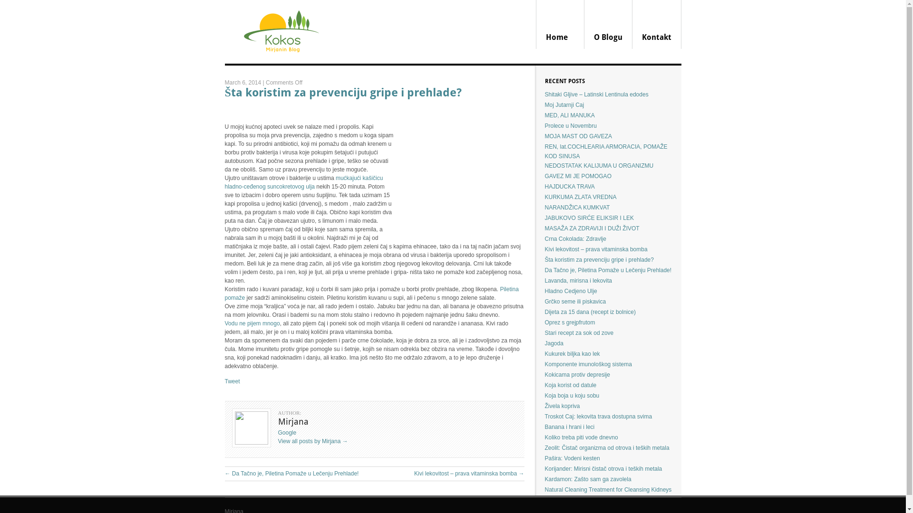 This screenshot has height=513, width=913. What do you see at coordinates (607, 24) in the screenshot?
I see `'O Blogu'` at bounding box center [607, 24].